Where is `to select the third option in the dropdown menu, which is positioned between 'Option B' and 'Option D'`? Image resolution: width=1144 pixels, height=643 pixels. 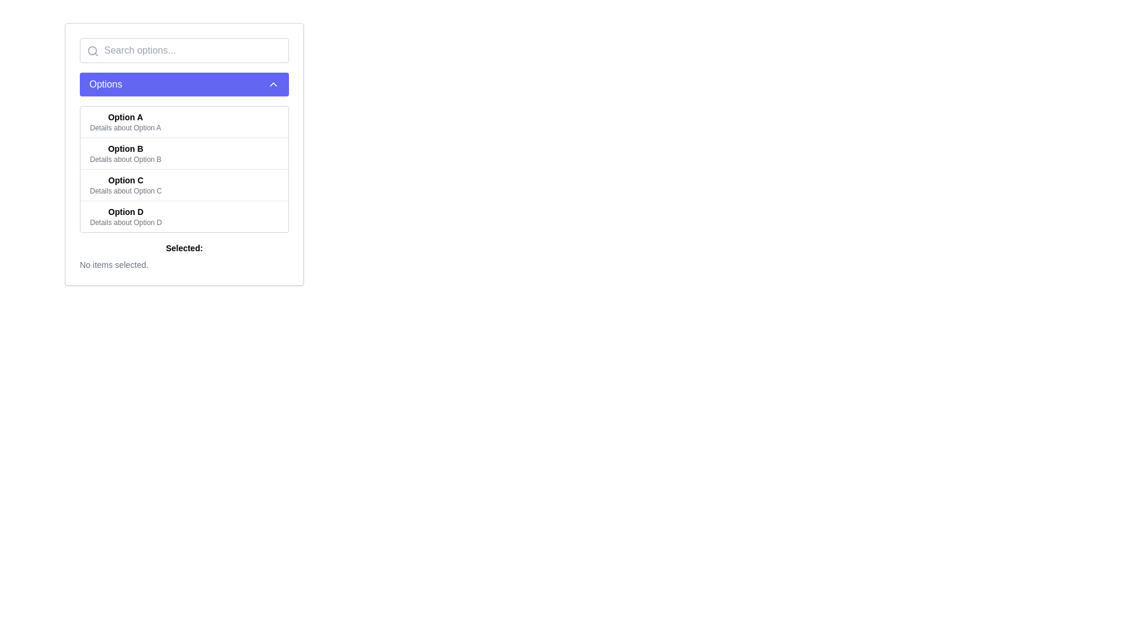 to select the third option in the dropdown menu, which is positioned between 'Option B' and 'Option D' is located at coordinates (184, 185).